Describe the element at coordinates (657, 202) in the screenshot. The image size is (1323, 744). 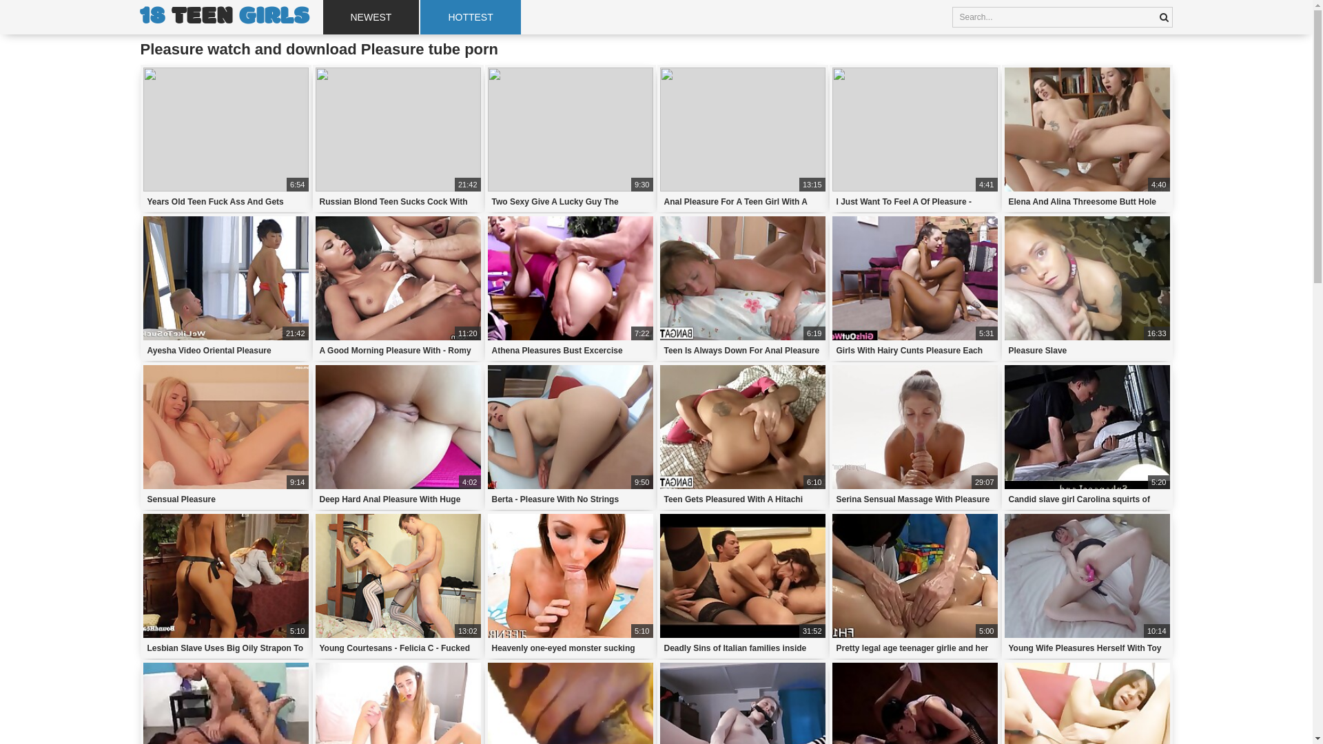
I see `'Anal Pleasure For A Teen Girl With A Gorgeous Booty'` at that location.